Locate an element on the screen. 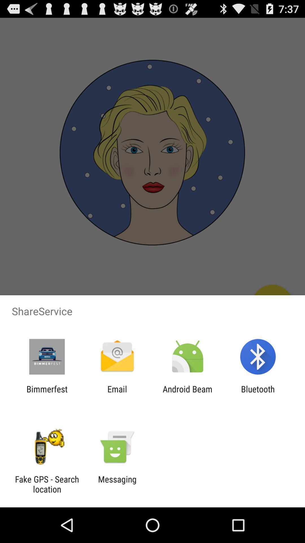 This screenshot has height=543, width=305. the email is located at coordinates (117, 394).